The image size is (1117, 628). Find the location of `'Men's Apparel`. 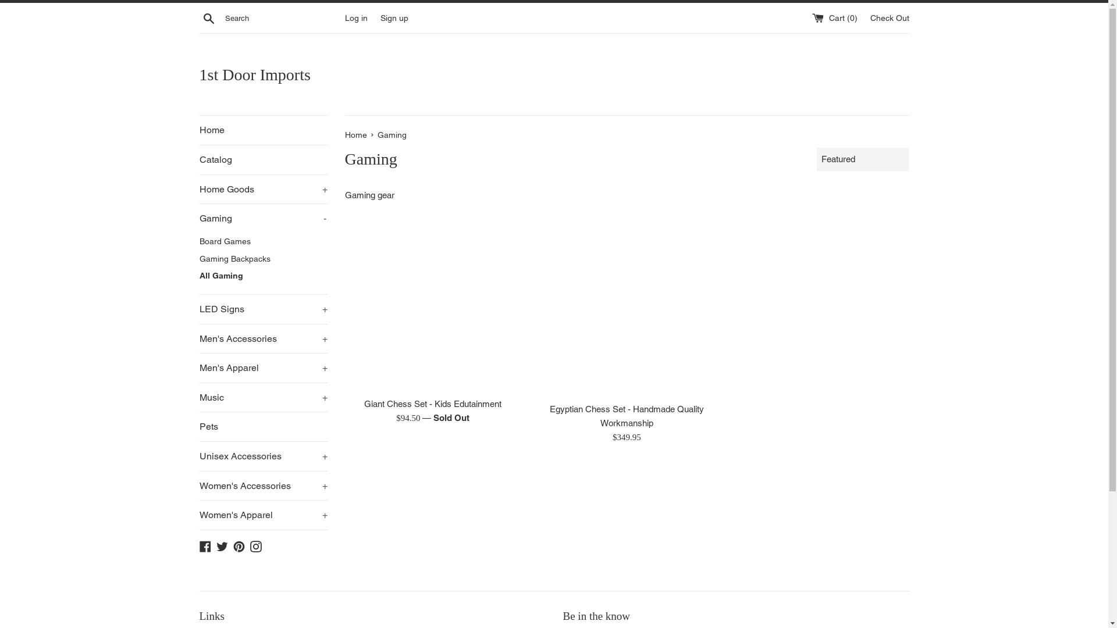

'Men's Apparel is located at coordinates (262, 367).